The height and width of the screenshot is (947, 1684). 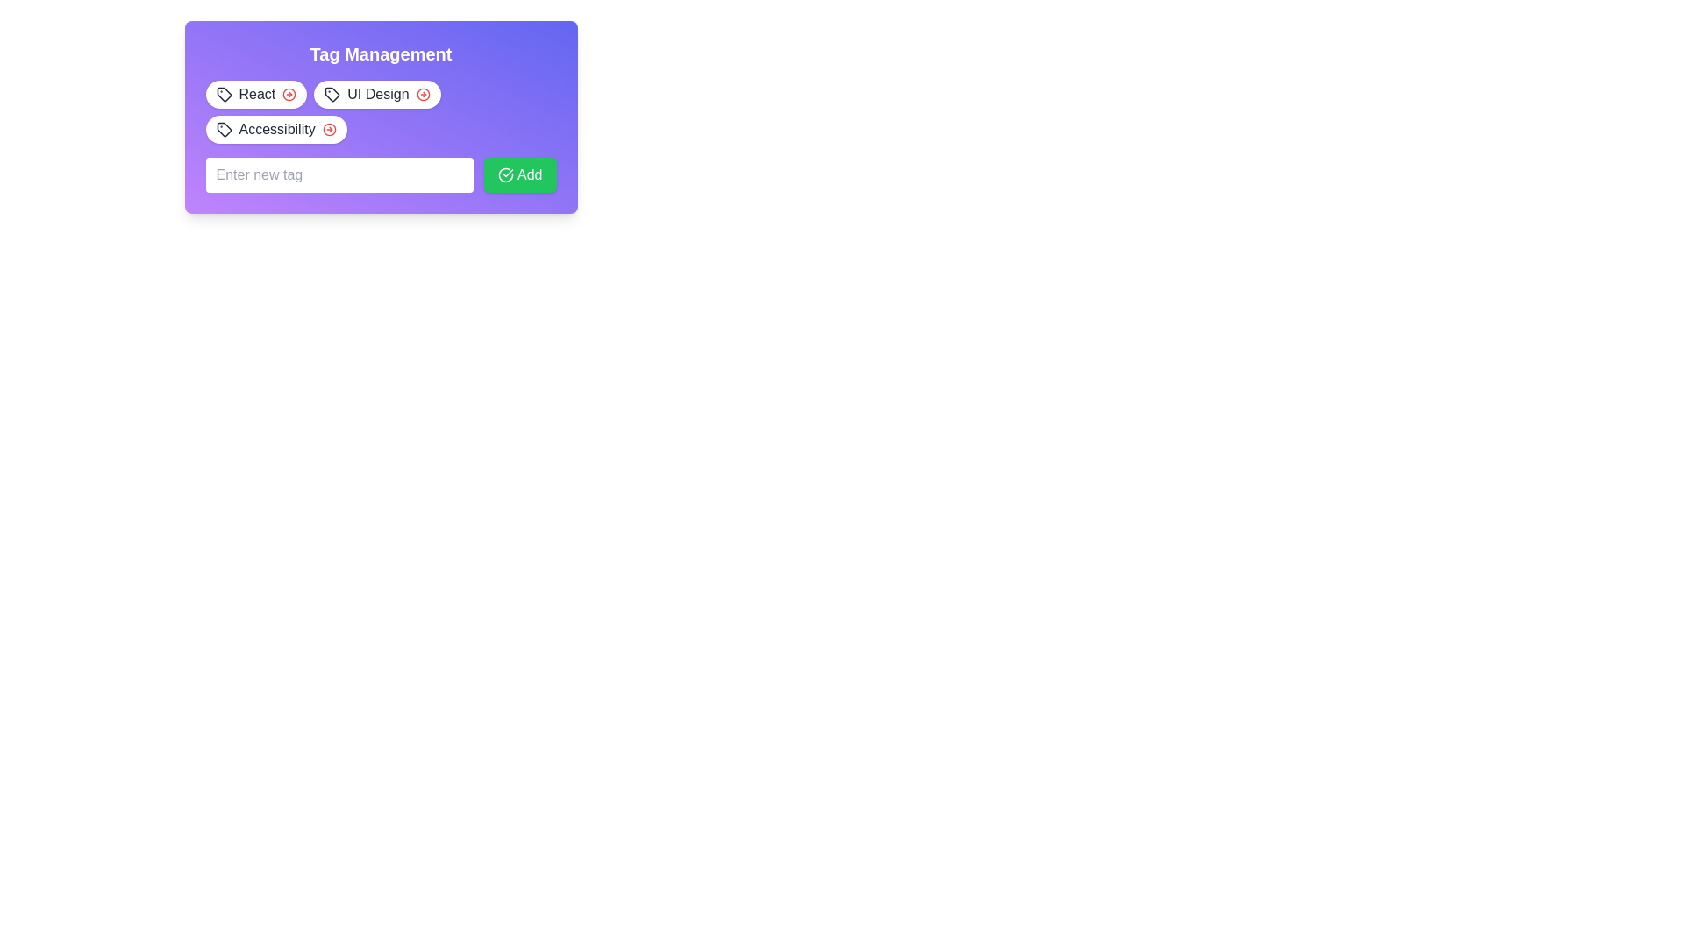 I want to click on the green circular icon with a white check mark located to the left side of the 'Add' button within the 'Tag Management' dialog box, so click(x=504, y=175).